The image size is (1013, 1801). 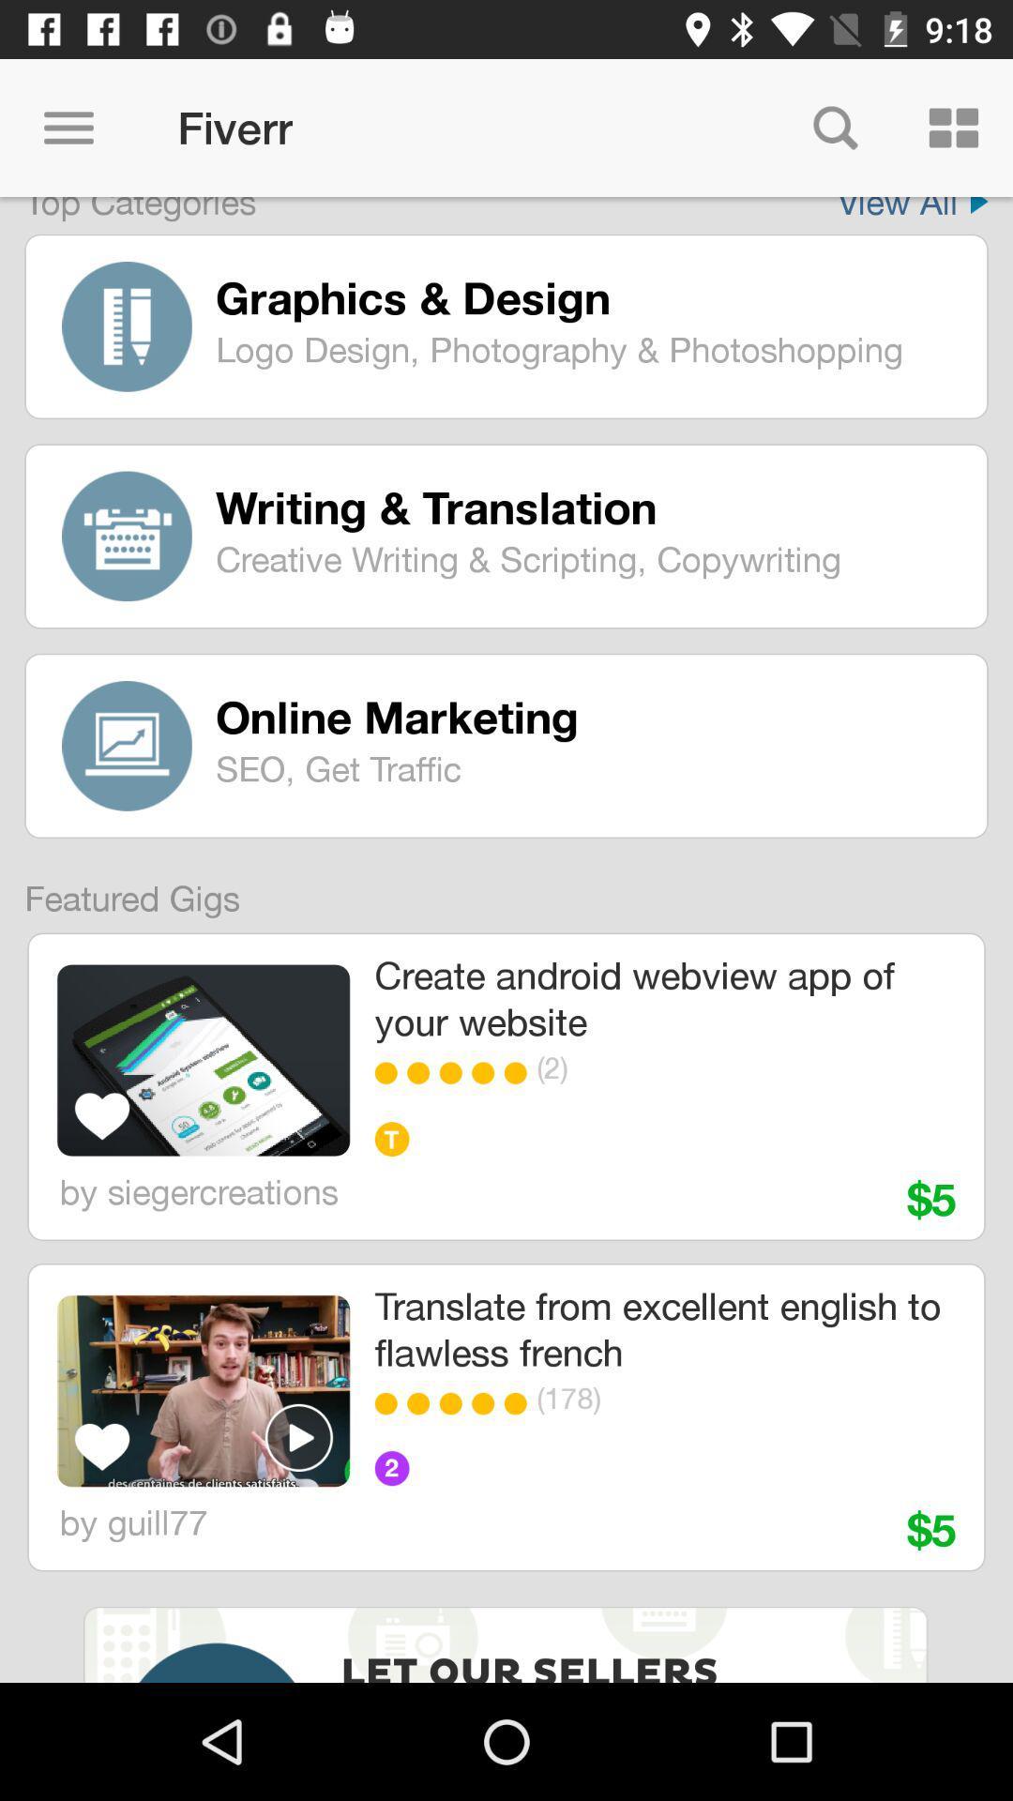 What do you see at coordinates (127, 326) in the screenshot?
I see `the logo which is left hand side of graphics  design` at bounding box center [127, 326].